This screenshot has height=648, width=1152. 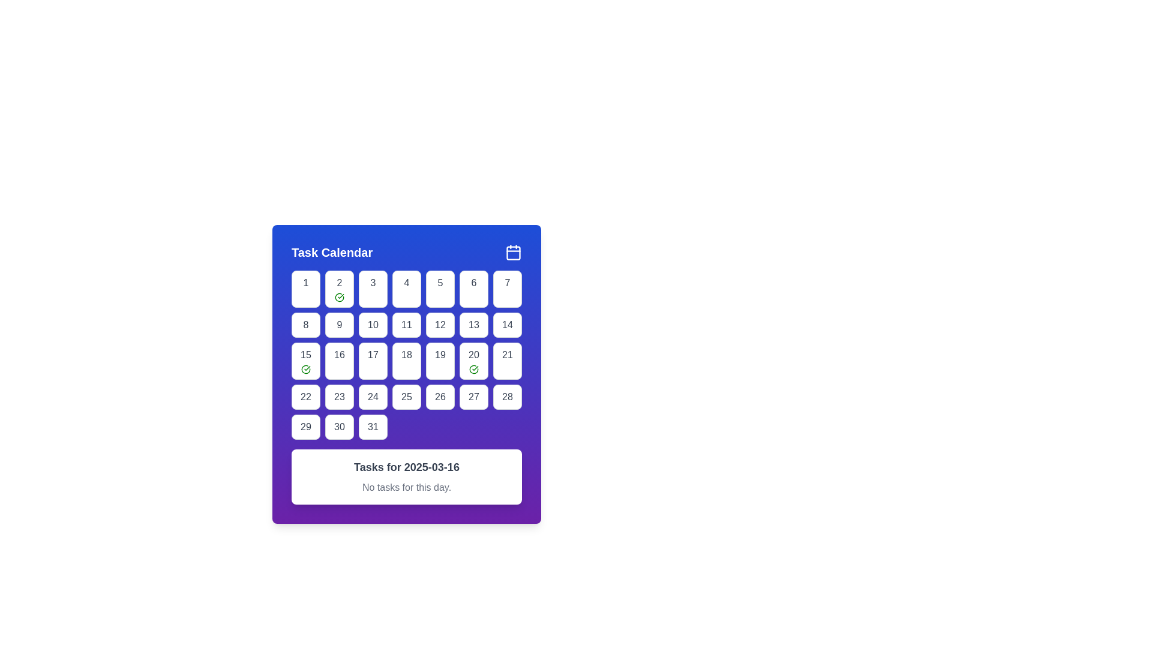 What do you see at coordinates (339, 325) in the screenshot?
I see `the button representing the 9th day of the month in the calendar interface` at bounding box center [339, 325].